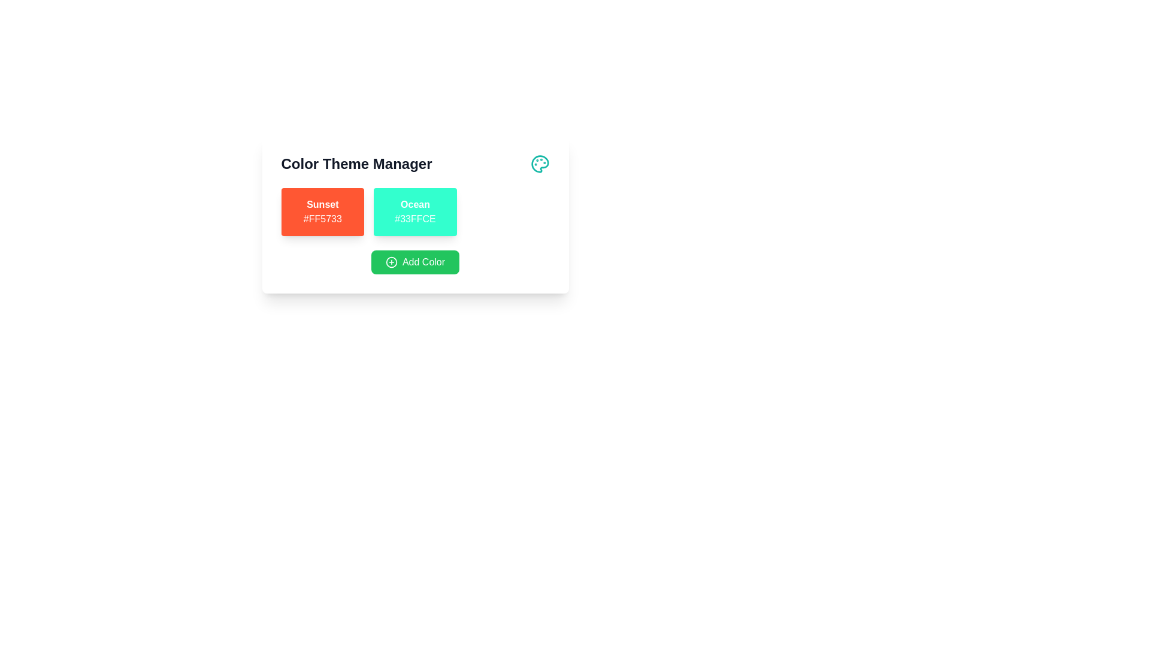 This screenshot has width=1150, height=647. Describe the element at coordinates (415, 211) in the screenshot. I see `the color item` at that location.